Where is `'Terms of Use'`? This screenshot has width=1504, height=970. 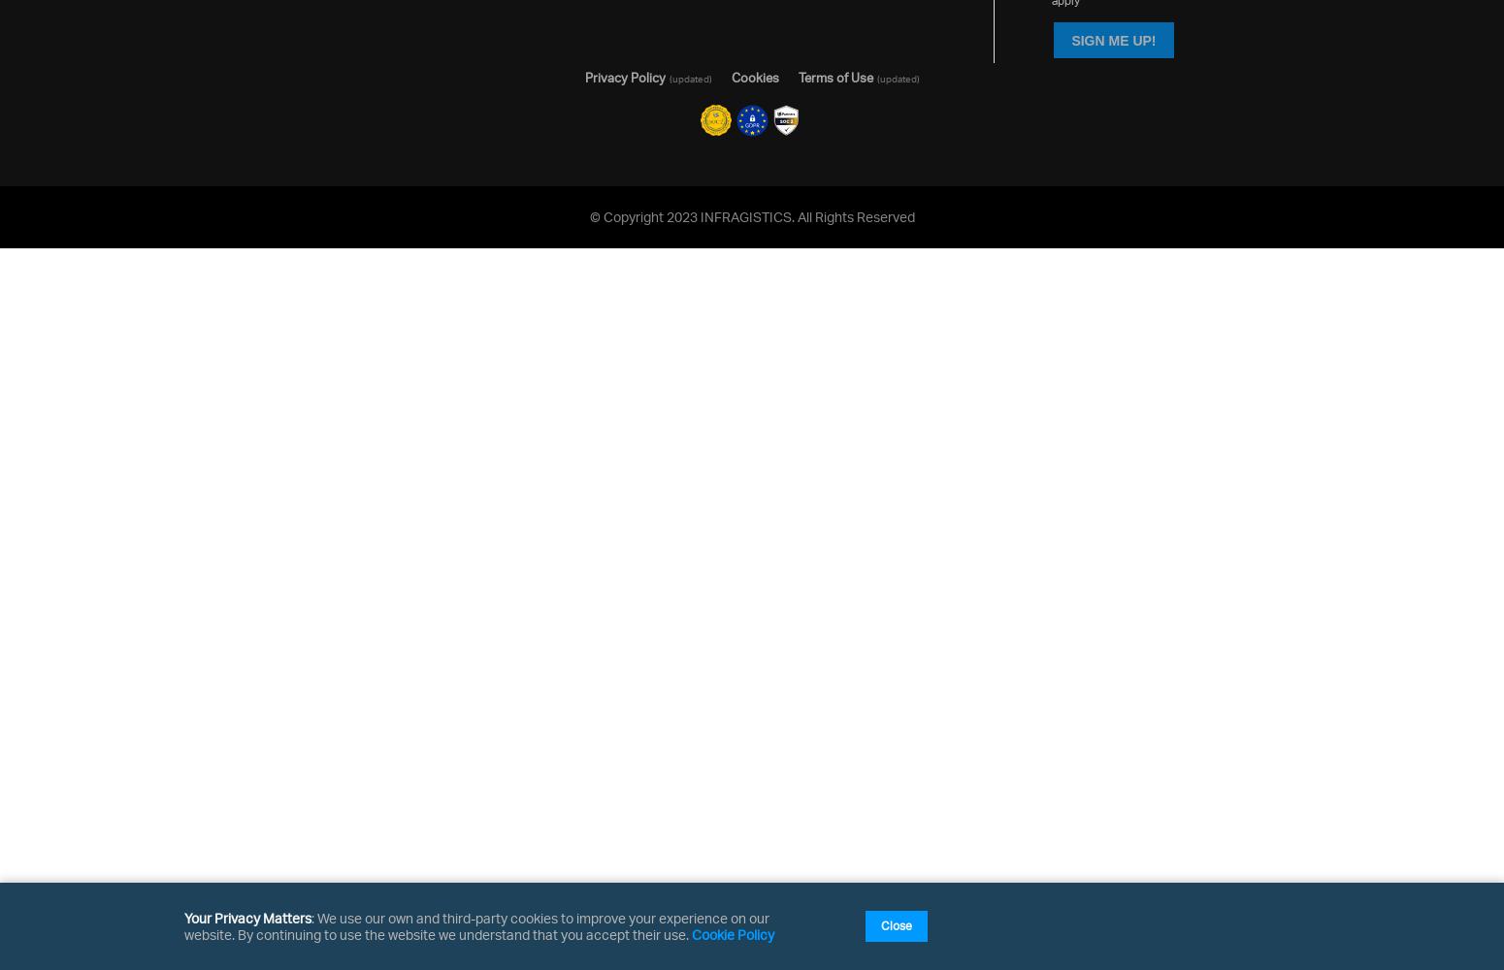 'Terms of Use' is located at coordinates (834, 77).